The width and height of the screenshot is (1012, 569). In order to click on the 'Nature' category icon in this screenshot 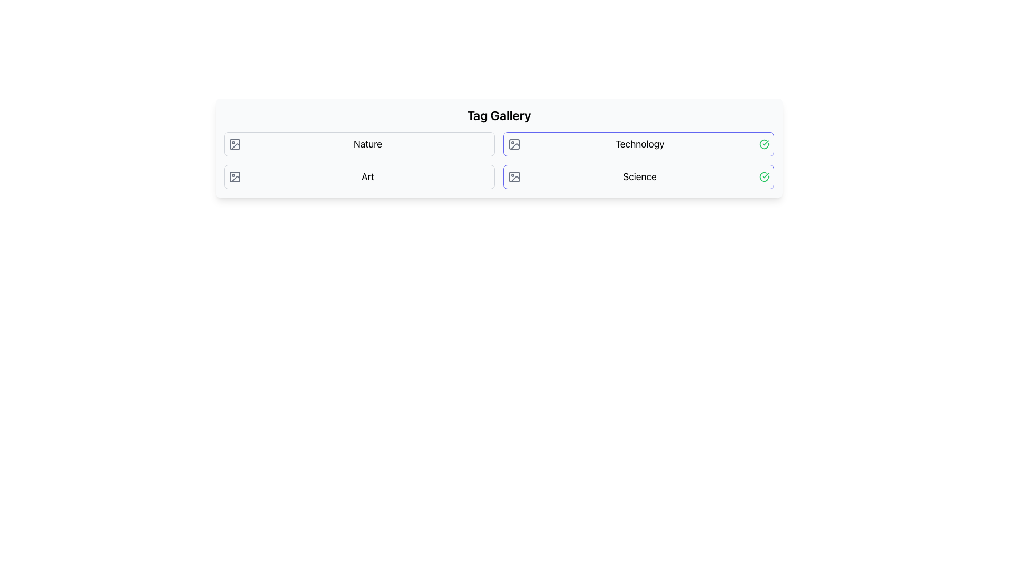, I will do `click(235, 144)`.